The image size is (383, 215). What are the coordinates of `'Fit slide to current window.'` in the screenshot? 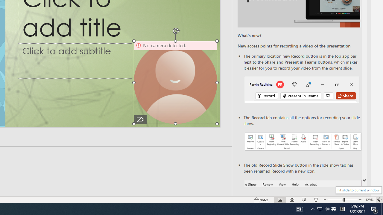 It's located at (359, 190).